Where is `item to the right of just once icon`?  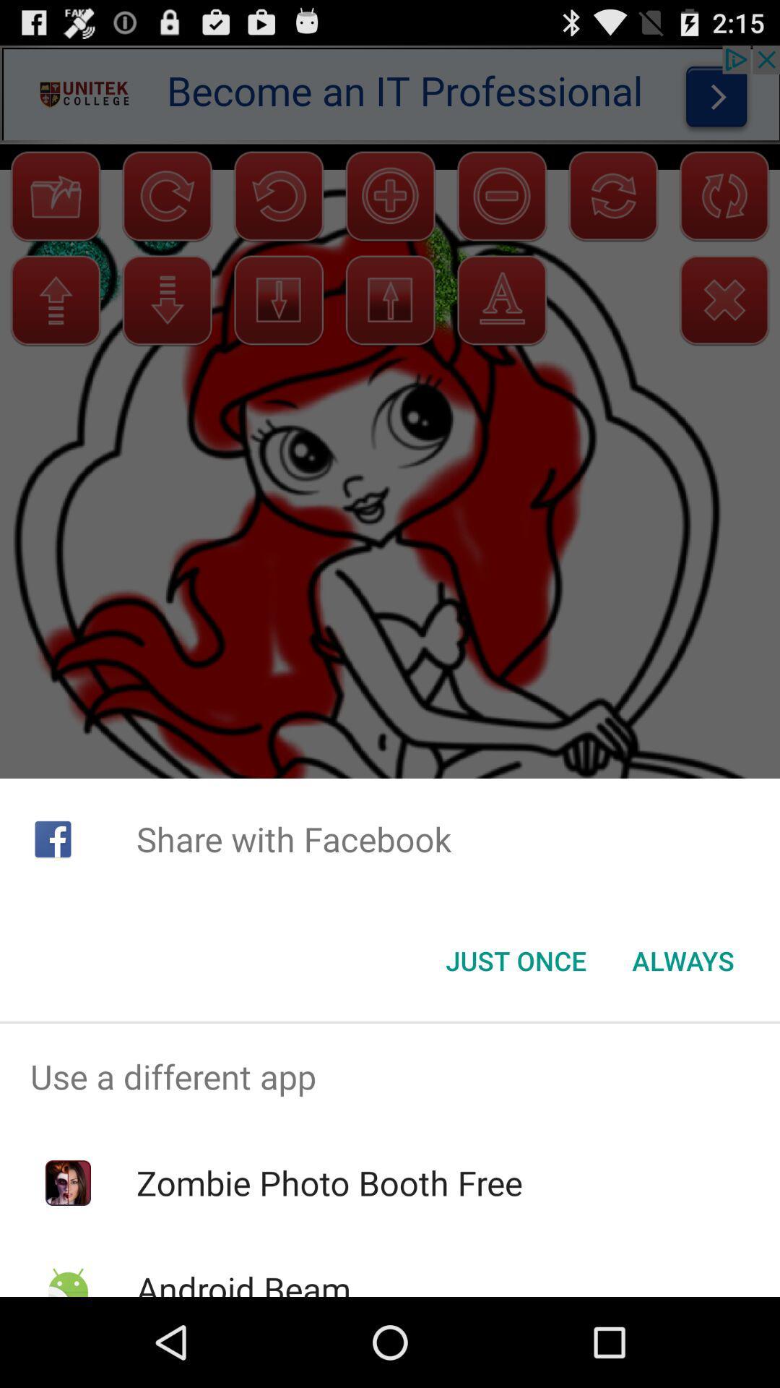 item to the right of just once icon is located at coordinates (682, 961).